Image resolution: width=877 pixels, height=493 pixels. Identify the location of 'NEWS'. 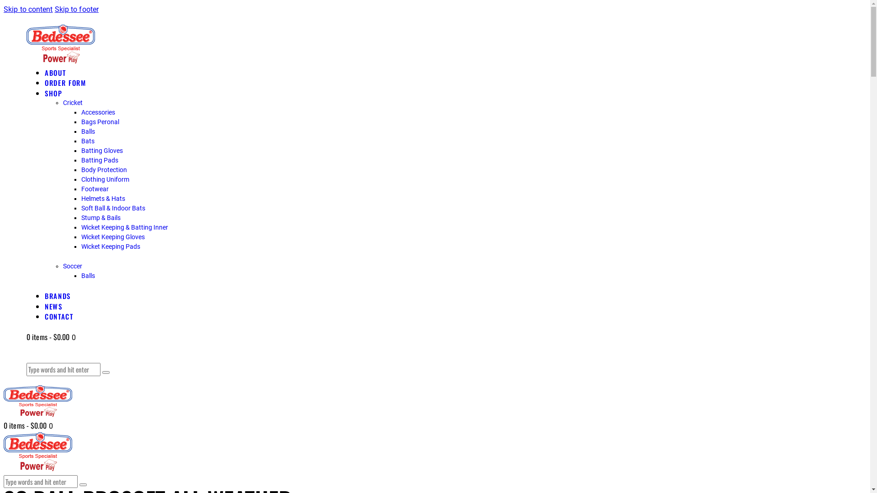
(53, 306).